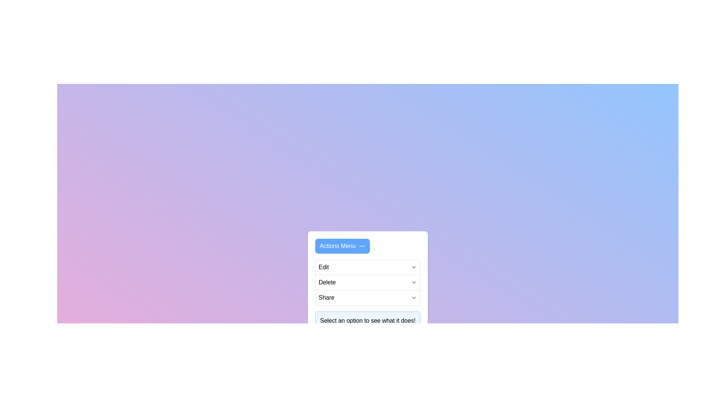 The image size is (713, 401). I want to click on the chevron icon corresponding to the Edit to toggle its dropdown, so click(413, 267).